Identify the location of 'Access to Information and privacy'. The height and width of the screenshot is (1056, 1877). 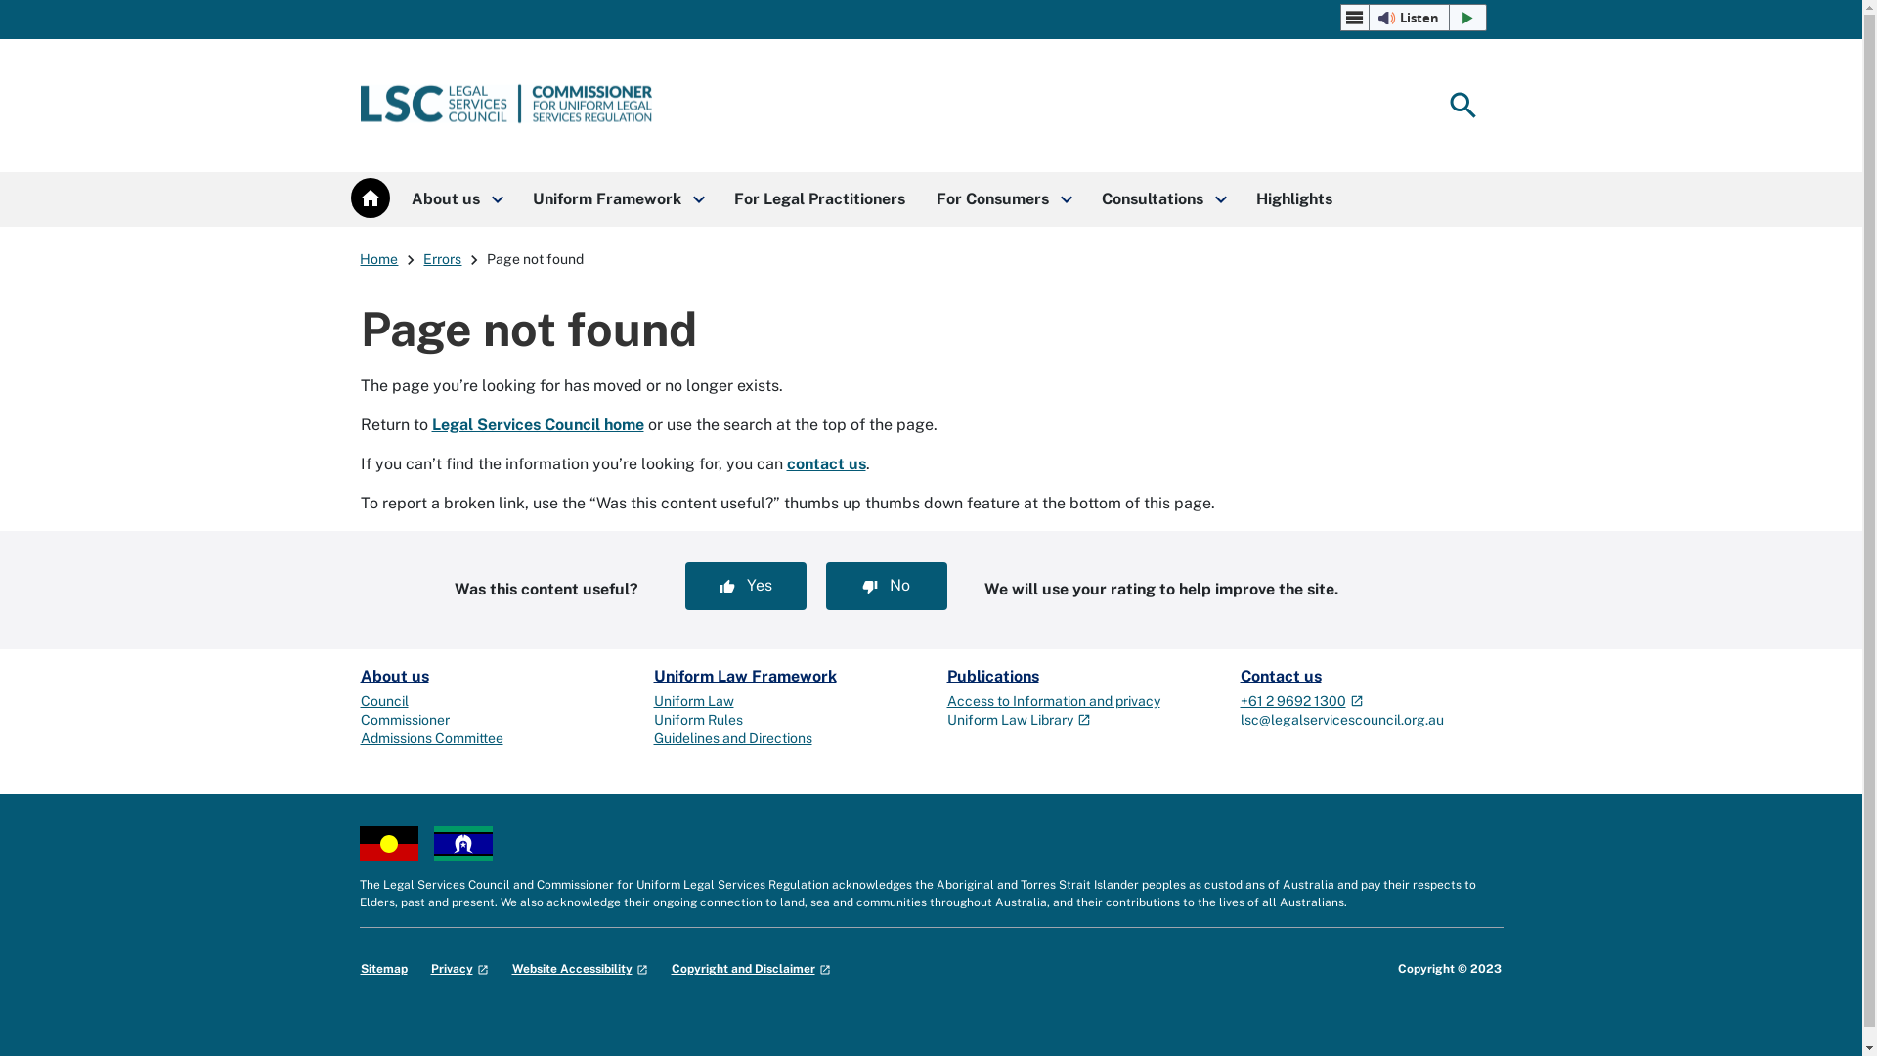
(1051, 700).